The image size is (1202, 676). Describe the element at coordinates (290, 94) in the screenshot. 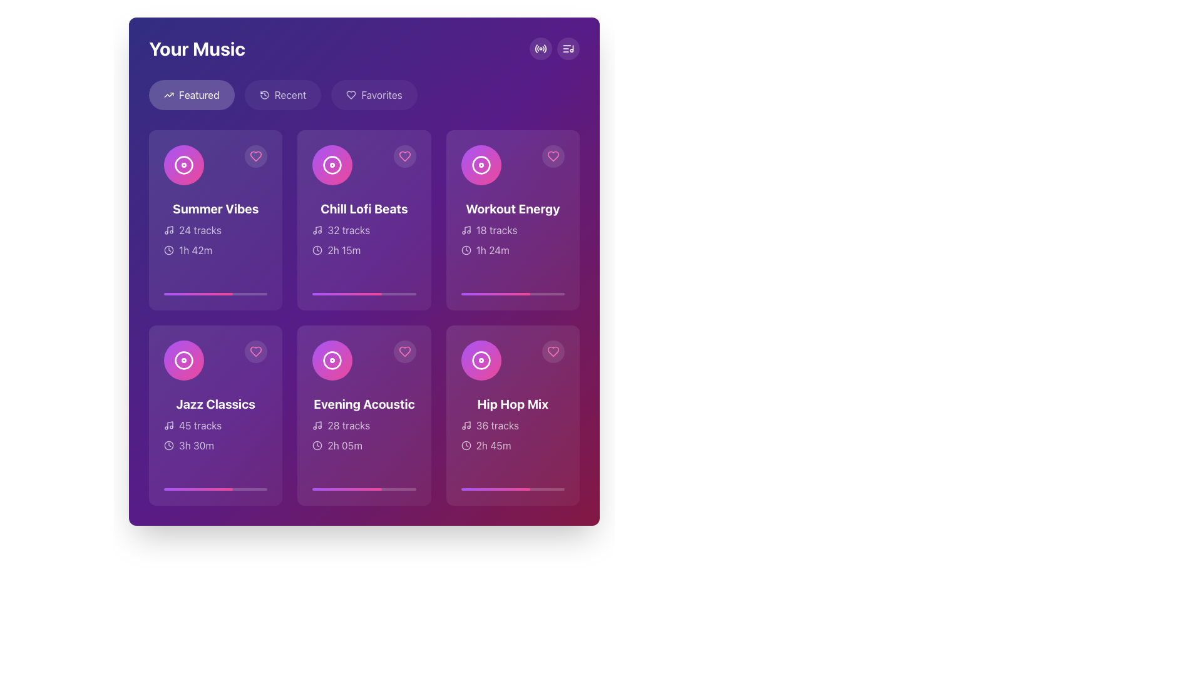

I see `the 'Recent' text within the second button in the horizontal list of three buttons` at that location.